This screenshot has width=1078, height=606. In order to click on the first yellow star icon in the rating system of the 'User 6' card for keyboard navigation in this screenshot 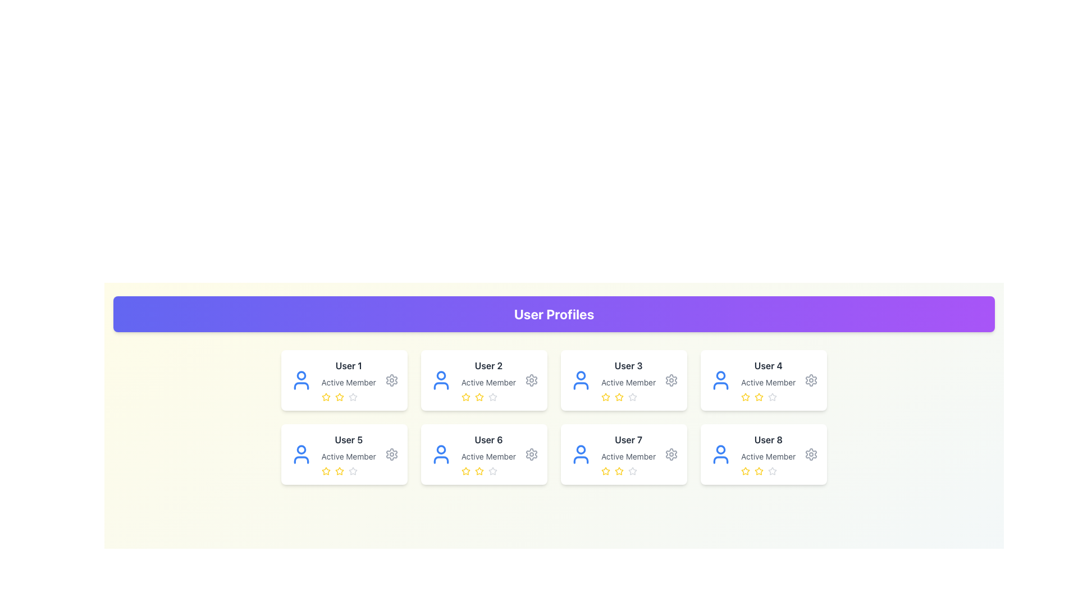, I will do `click(465, 471)`.